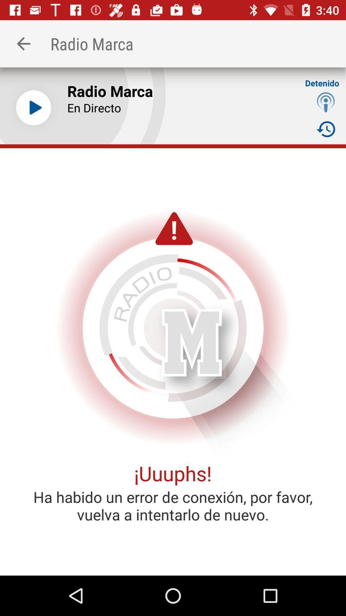 This screenshot has width=346, height=616. What do you see at coordinates (33, 108) in the screenshot?
I see `on button` at bounding box center [33, 108].